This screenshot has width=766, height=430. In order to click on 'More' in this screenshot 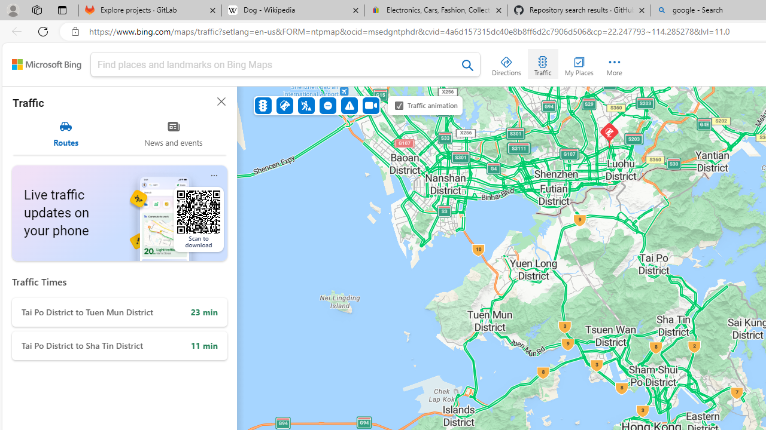, I will do `click(614, 63)`.